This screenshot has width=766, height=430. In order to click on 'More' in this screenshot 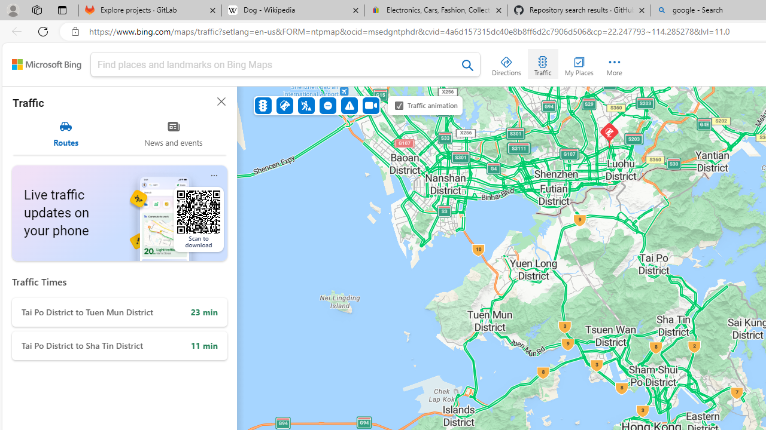, I will do `click(614, 63)`.